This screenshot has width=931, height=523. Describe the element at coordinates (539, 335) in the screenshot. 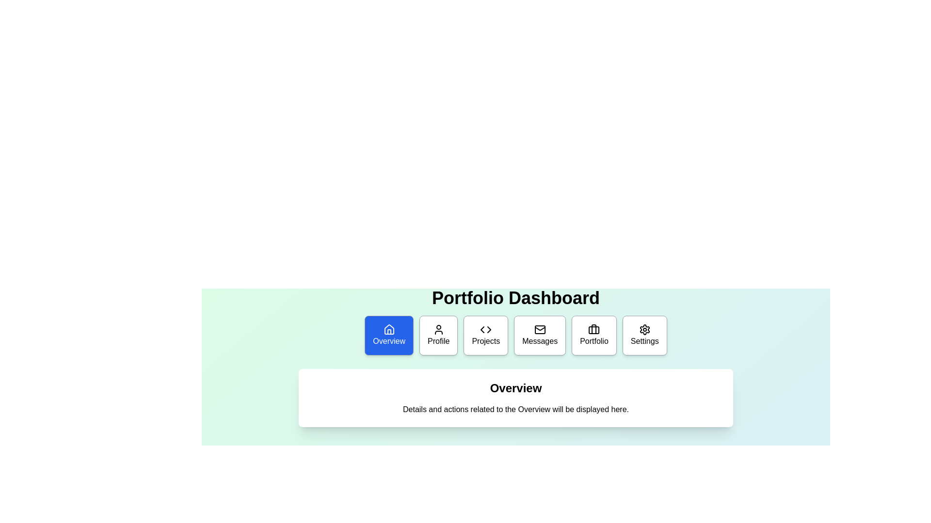

I see `the 'Messages' button, which is a rectangular button with rounded corners, a white background, a black mail icon at the top, and the text 'Messages' in black below the icon` at that location.